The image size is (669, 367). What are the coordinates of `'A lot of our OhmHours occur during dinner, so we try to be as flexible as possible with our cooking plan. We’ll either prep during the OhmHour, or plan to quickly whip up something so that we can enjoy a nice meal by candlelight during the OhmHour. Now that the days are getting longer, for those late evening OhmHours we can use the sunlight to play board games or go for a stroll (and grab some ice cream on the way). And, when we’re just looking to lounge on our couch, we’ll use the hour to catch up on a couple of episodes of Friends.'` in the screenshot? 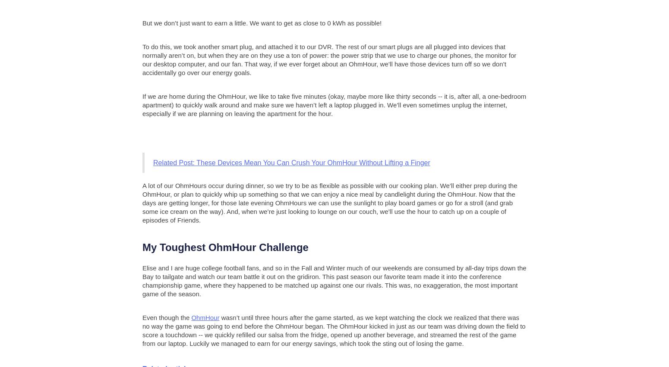 It's located at (329, 202).